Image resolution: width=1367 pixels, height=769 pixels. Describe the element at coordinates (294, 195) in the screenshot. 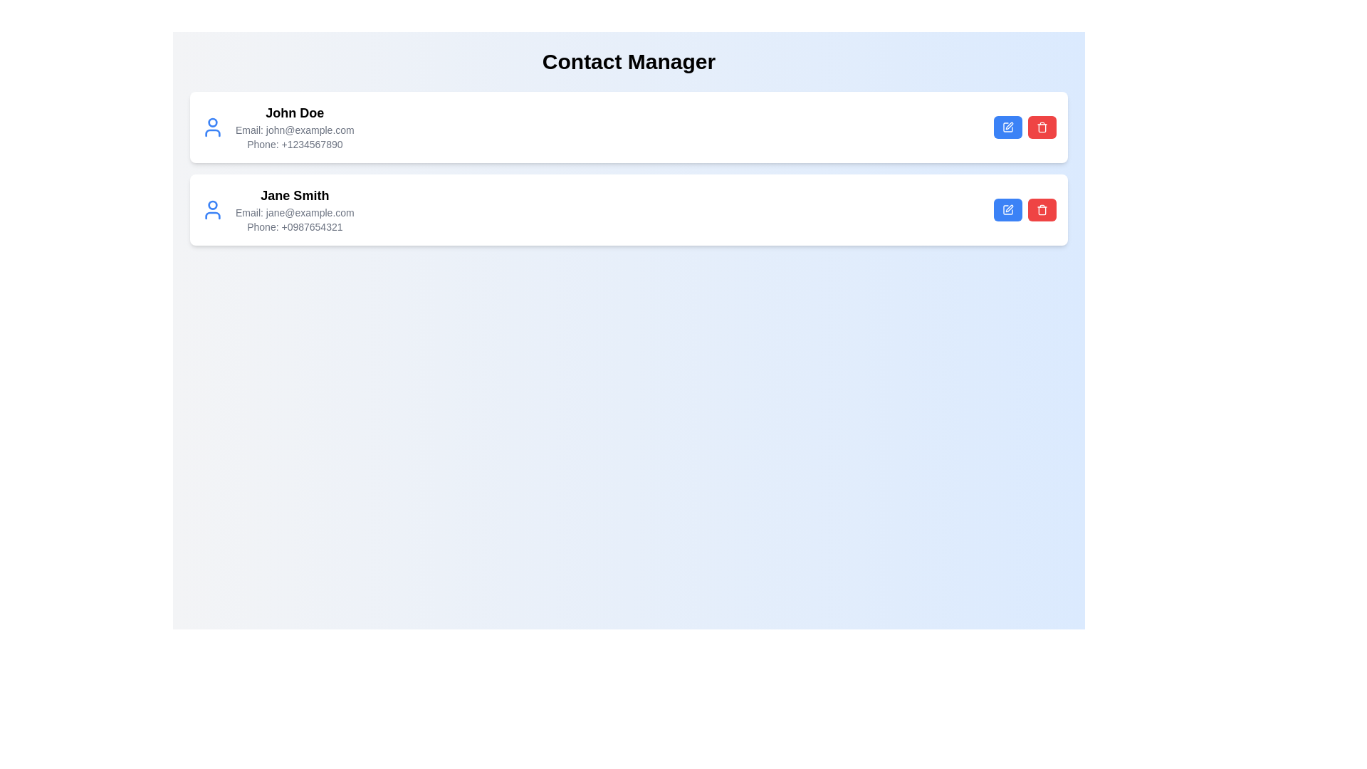

I see `the text label that displays the name of the contact in the second contact card, which is centered above the email and phone details` at that location.